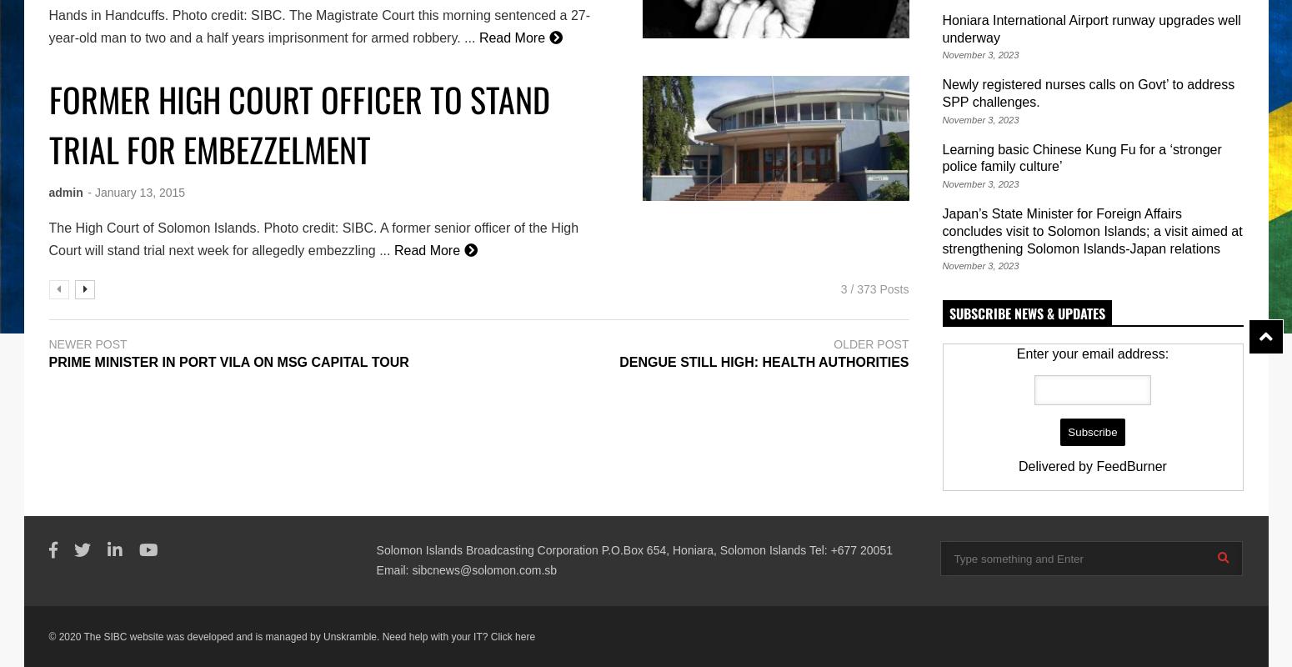 Image resolution: width=1292 pixels, height=667 pixels. I want to click on 'DENGUE STILL HIGH: HEALTH AUTHORITIES', so click(764, 361).